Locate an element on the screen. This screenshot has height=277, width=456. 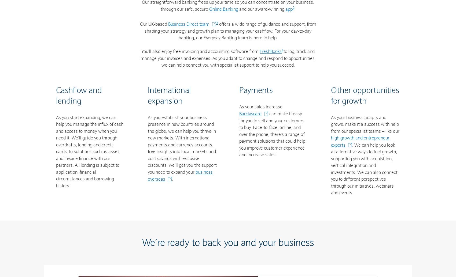
'Help & FAQs' is located at coordinates (106, 179).